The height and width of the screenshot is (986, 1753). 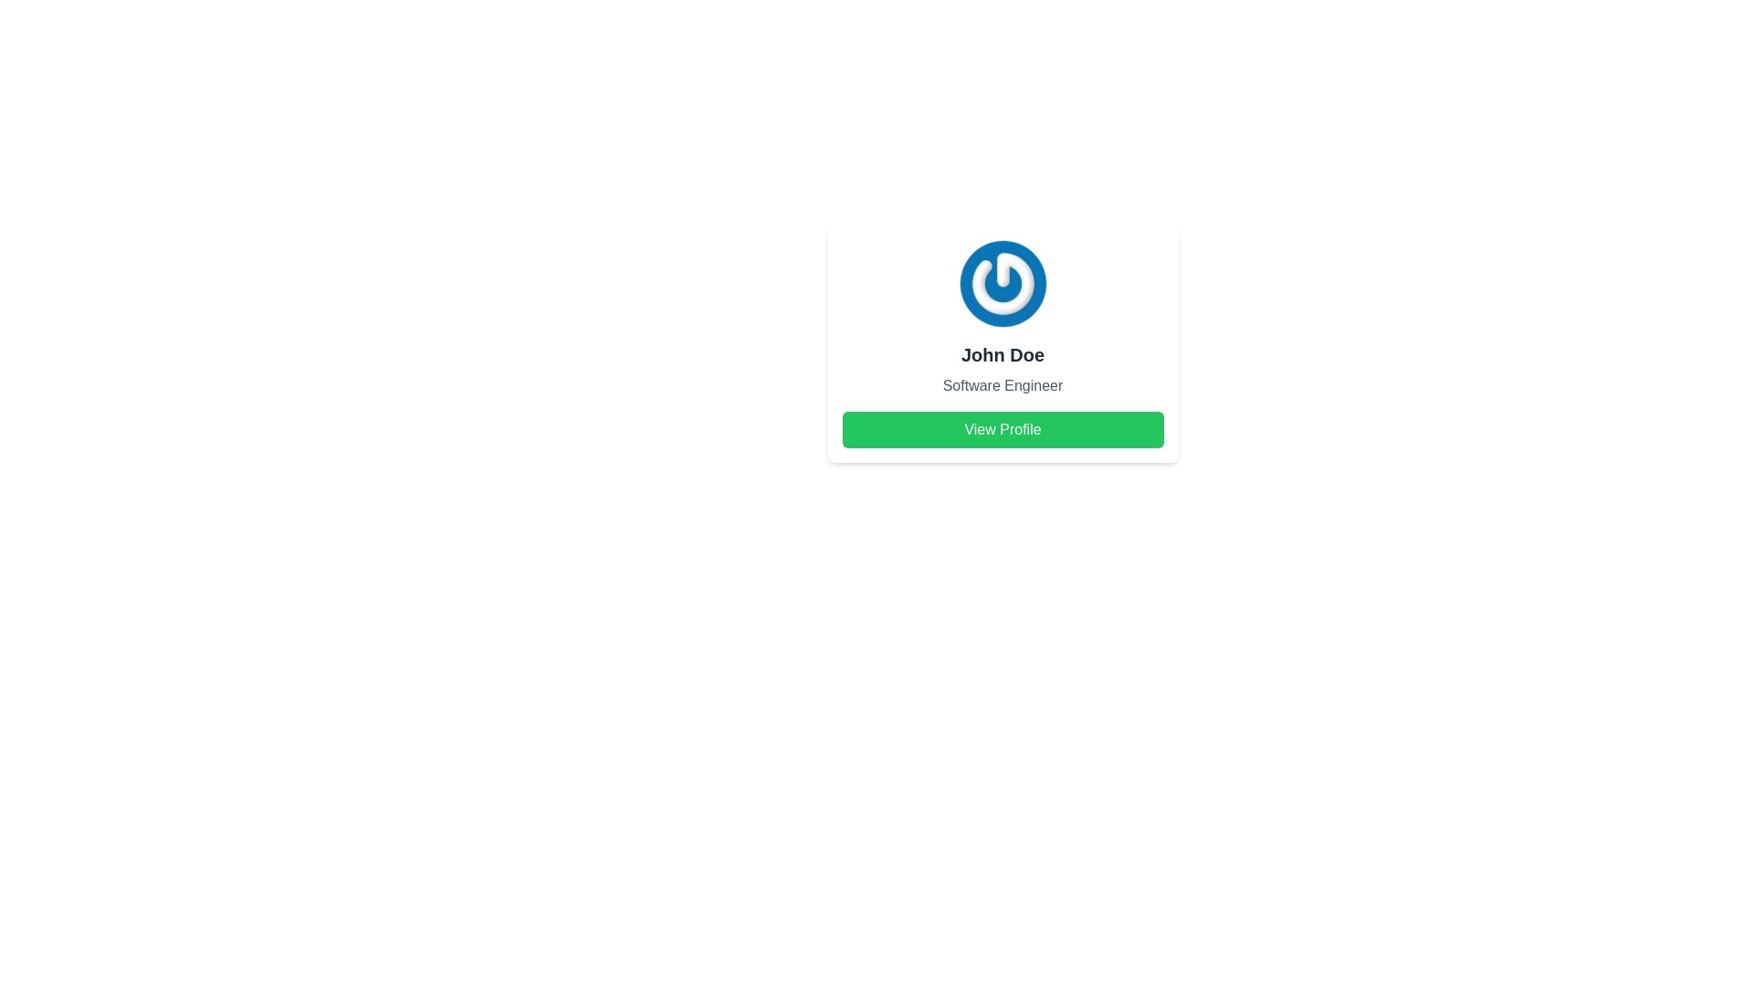 What do you see at coordinates (1002, 344) in the screenshot?
I see `the user profile card that displays the user's avatar, name, and role, with a 'View Profile' button at the bottom` at bounding box center [1002, 344].